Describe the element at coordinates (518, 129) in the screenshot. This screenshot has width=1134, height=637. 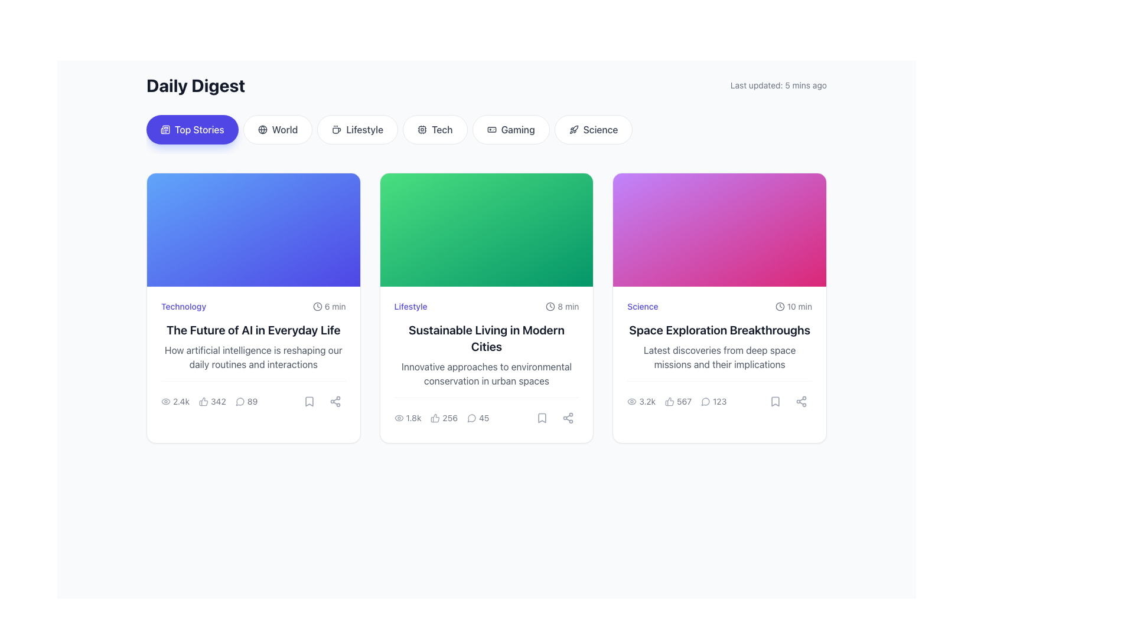
I see `the 'Gaming' text label within the category selection button, which is styled with a modern sans-serif font and` at that location.